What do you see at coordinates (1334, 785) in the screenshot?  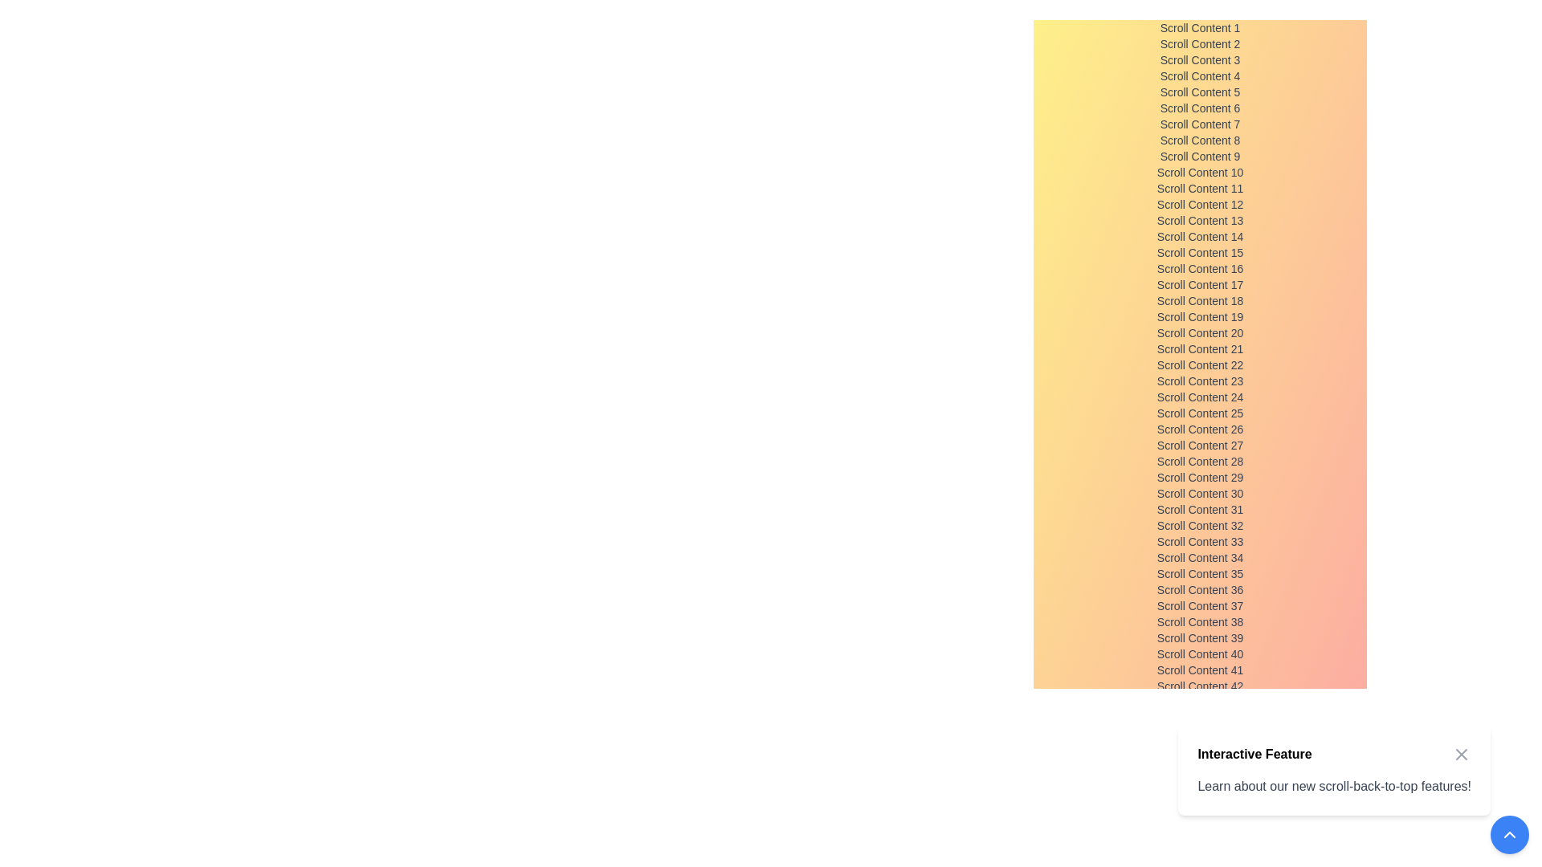 I see `static text displaying 'Learn about our new scroll-back-to-top features!' in the bottom-right corner of the interface within the 'Interactive Feature' popup` at bounding box center [1334, 785].